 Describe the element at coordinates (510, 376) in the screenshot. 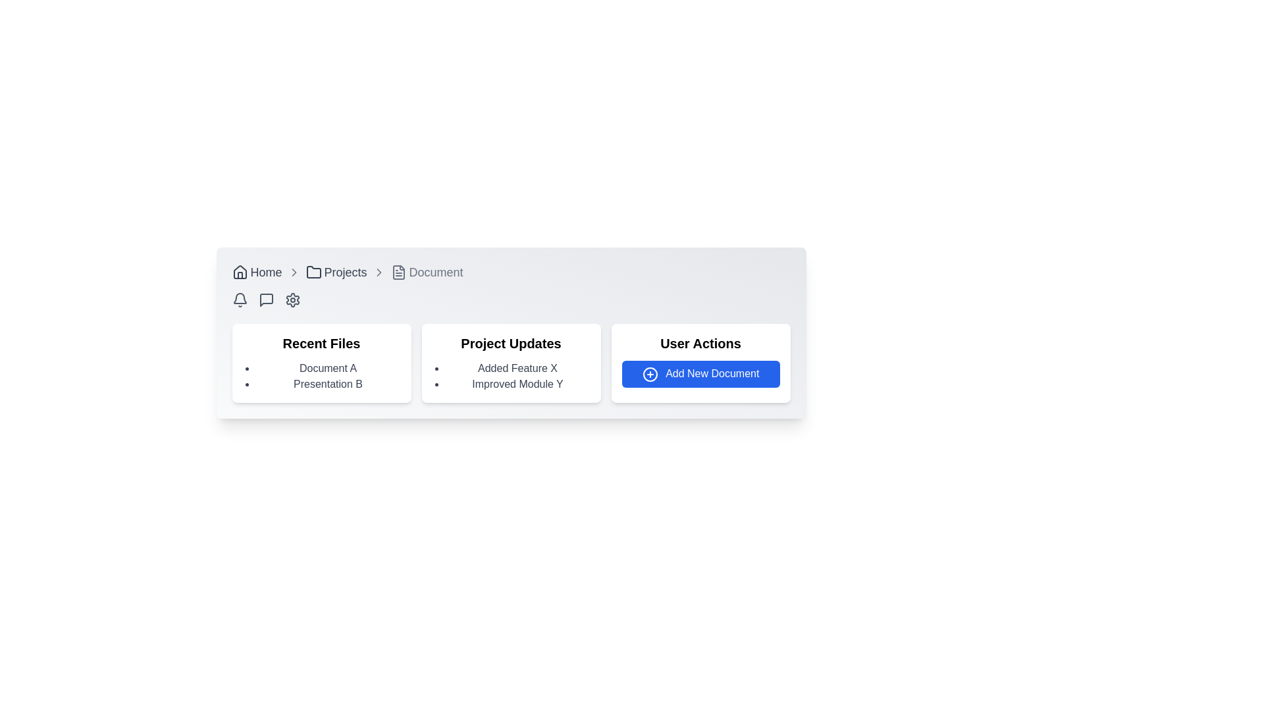

I see `the unordered list containing the items 'Added Feature X' and 'Improved Module Y' within the 'Project Updates' card` at that location.